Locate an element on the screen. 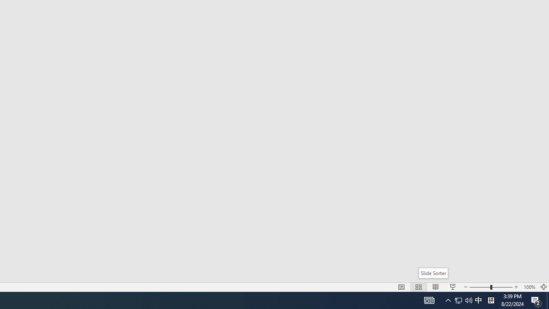 Image resolution: width=549 pixels, height=309 pixels. 'Zoom Out' is located at coordinates (479, 287).